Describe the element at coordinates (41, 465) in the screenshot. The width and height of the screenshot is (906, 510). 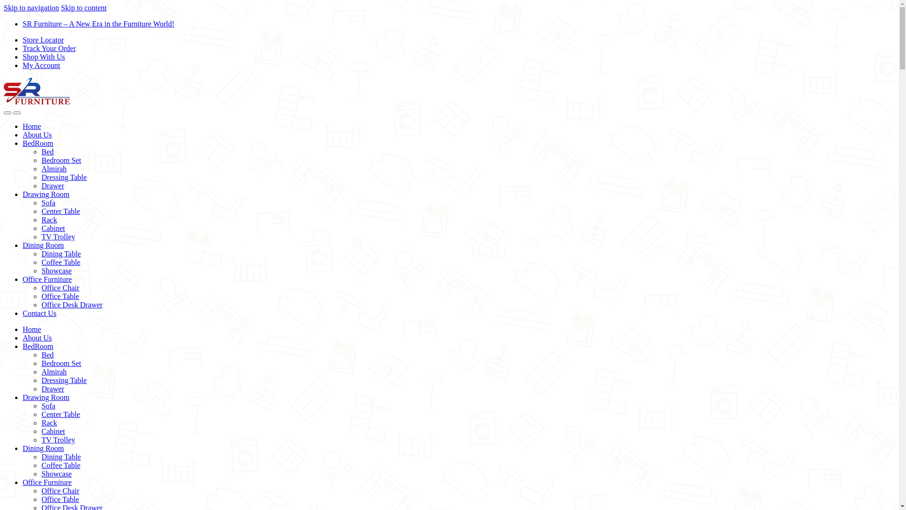
I see `'Coffee Table'` at that location.